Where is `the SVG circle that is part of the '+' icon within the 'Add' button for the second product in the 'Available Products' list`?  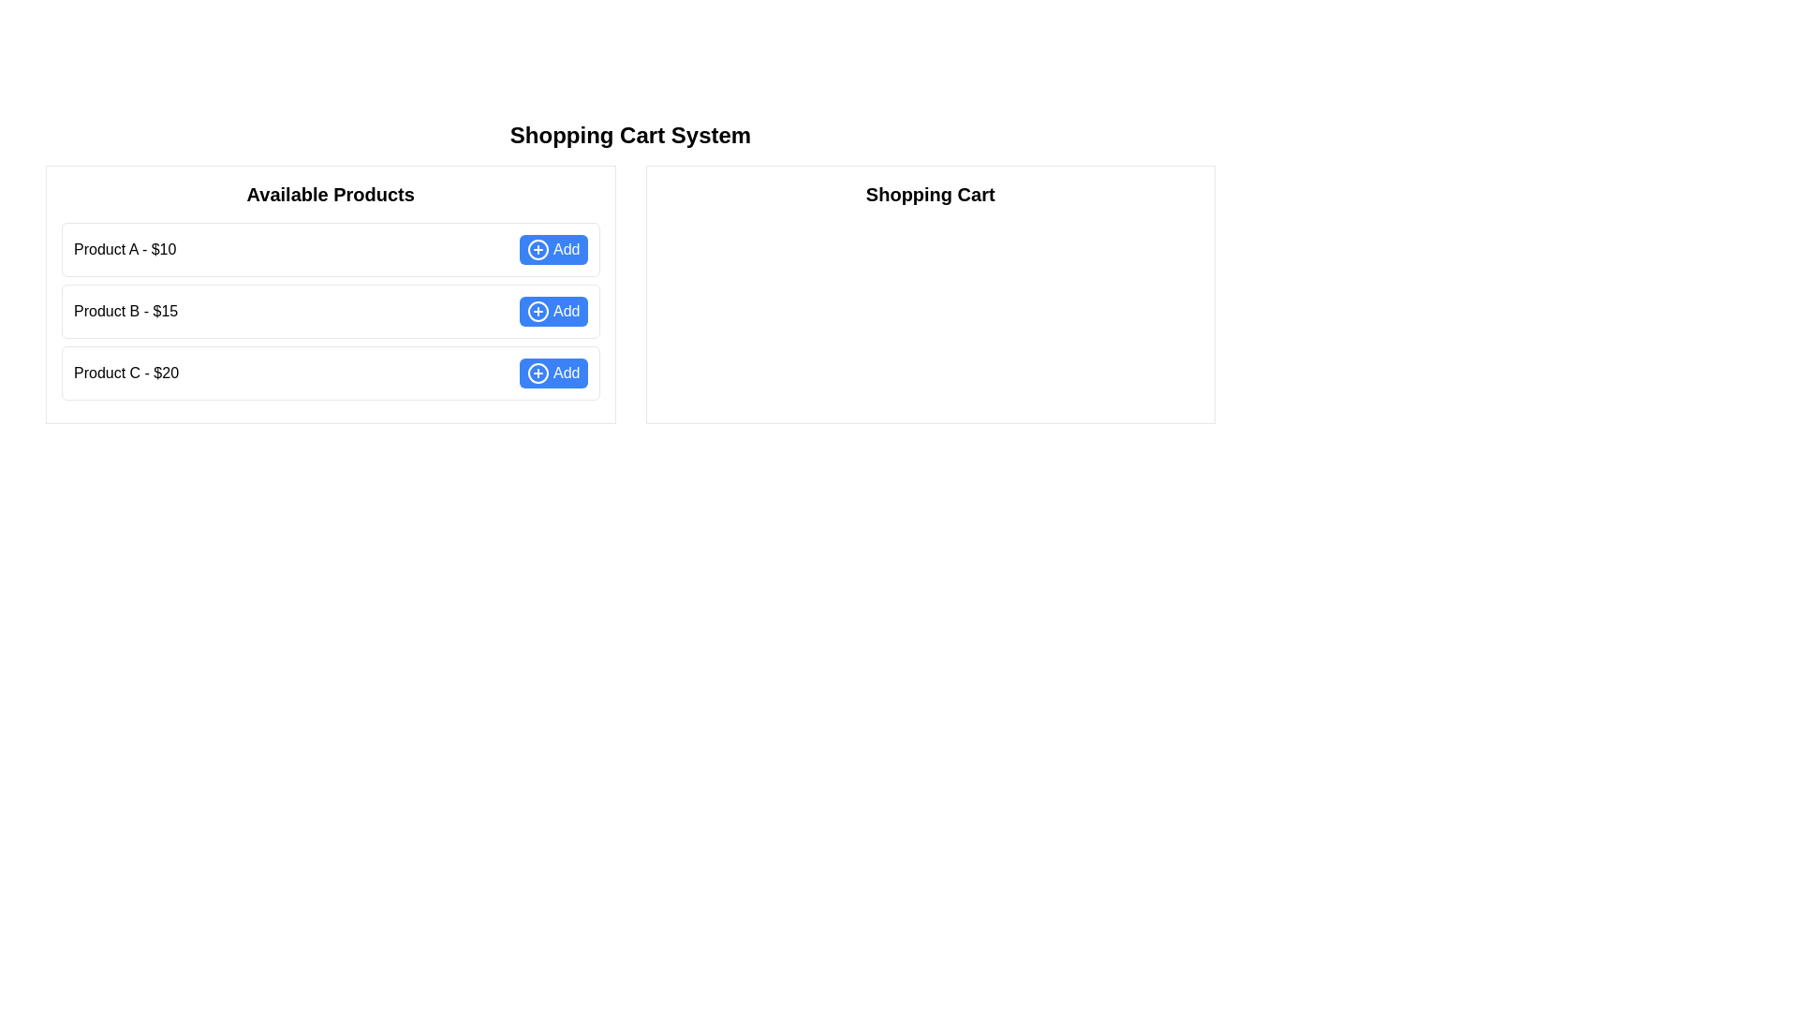 the SVG circle that is part of the '+' icon within the 'Add' button for the second product in the 'Available Products' list is located at coordinates (538, 310).